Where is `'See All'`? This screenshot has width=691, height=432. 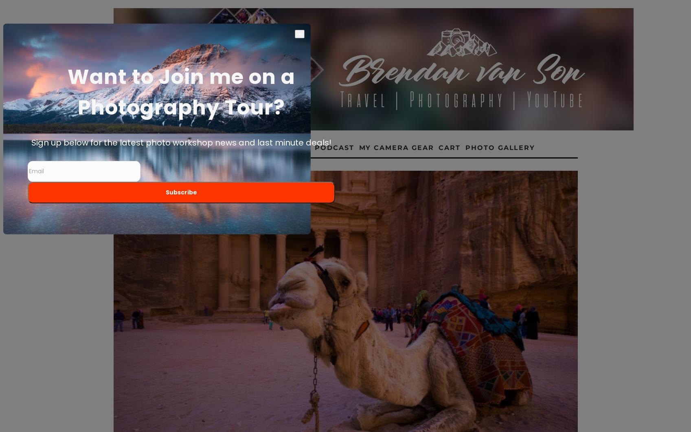
'See All' is located at coordinates (527, 181).